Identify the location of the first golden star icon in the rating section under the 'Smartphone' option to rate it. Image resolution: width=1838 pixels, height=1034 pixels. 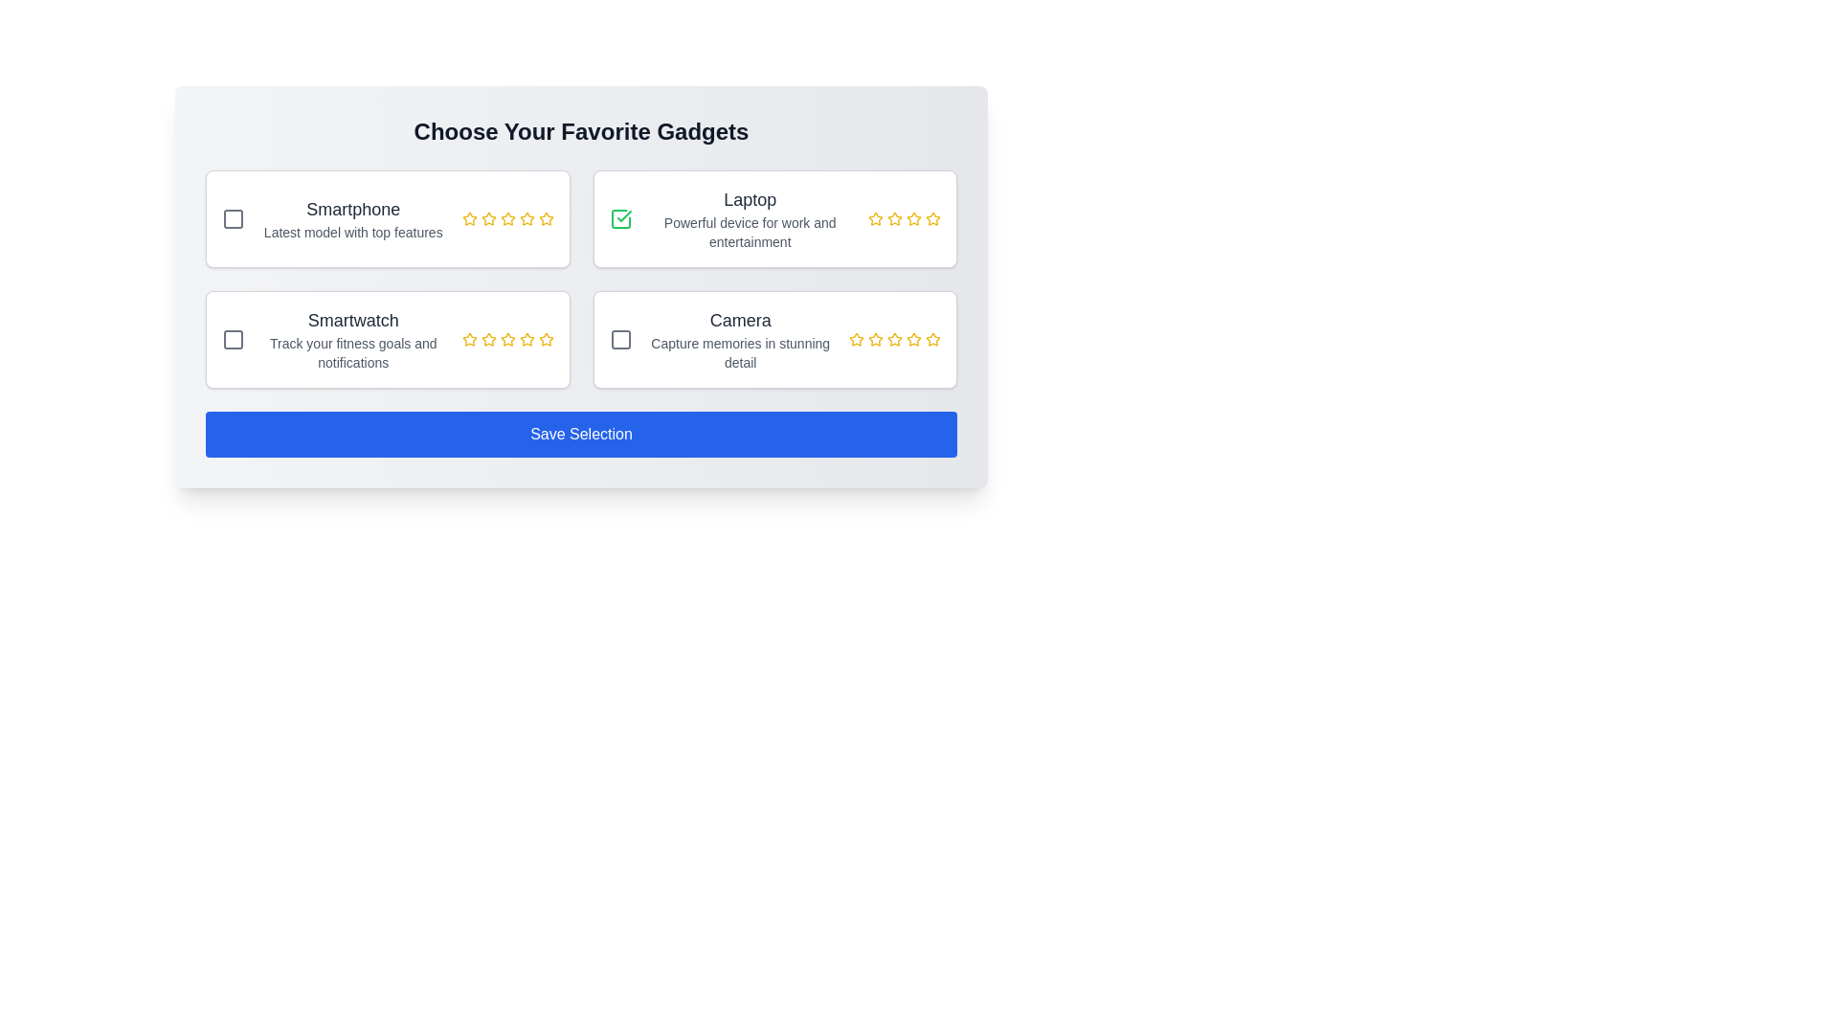
(469, 217).